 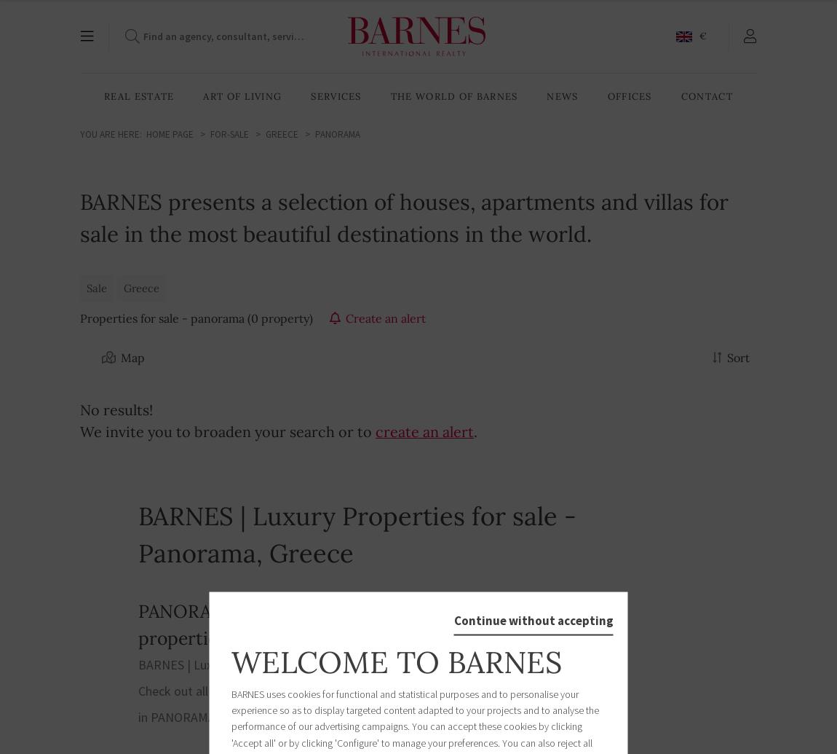 What do you see at coordinates (632, 88) in the screenshot?
I see `'English'` at bounding box center [632, 88].